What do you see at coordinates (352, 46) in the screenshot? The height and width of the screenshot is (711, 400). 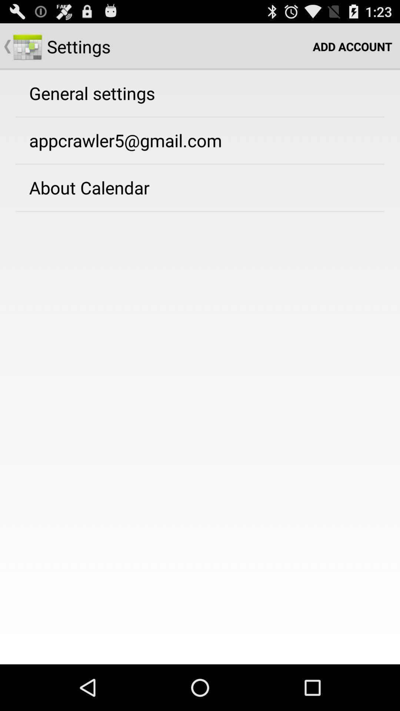 I see `the app to the right of settings icon` at bounding box center [352, 46].